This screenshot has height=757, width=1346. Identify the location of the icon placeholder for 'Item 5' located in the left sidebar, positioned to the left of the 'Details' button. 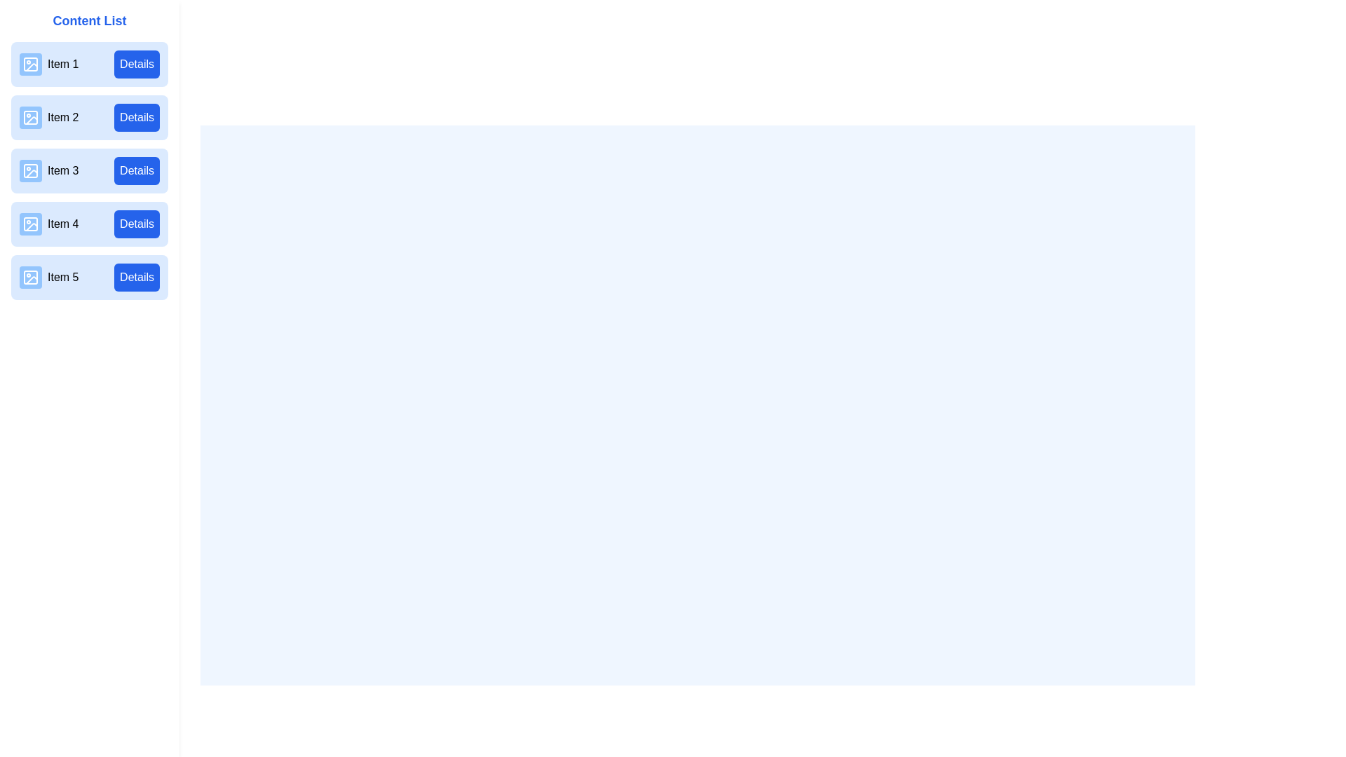
(30, 278).